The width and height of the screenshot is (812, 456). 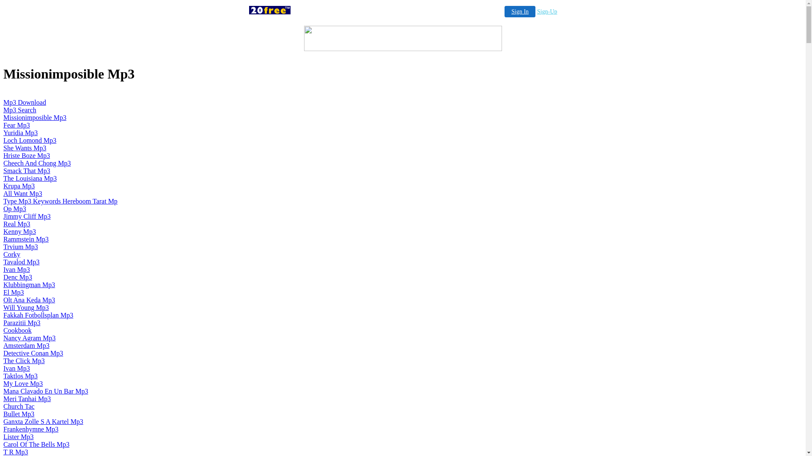 What do you see at coordinates (20, 133) in the screenshot?
I see `'Yuridia Mp3'` at bounding box center [20, 133].